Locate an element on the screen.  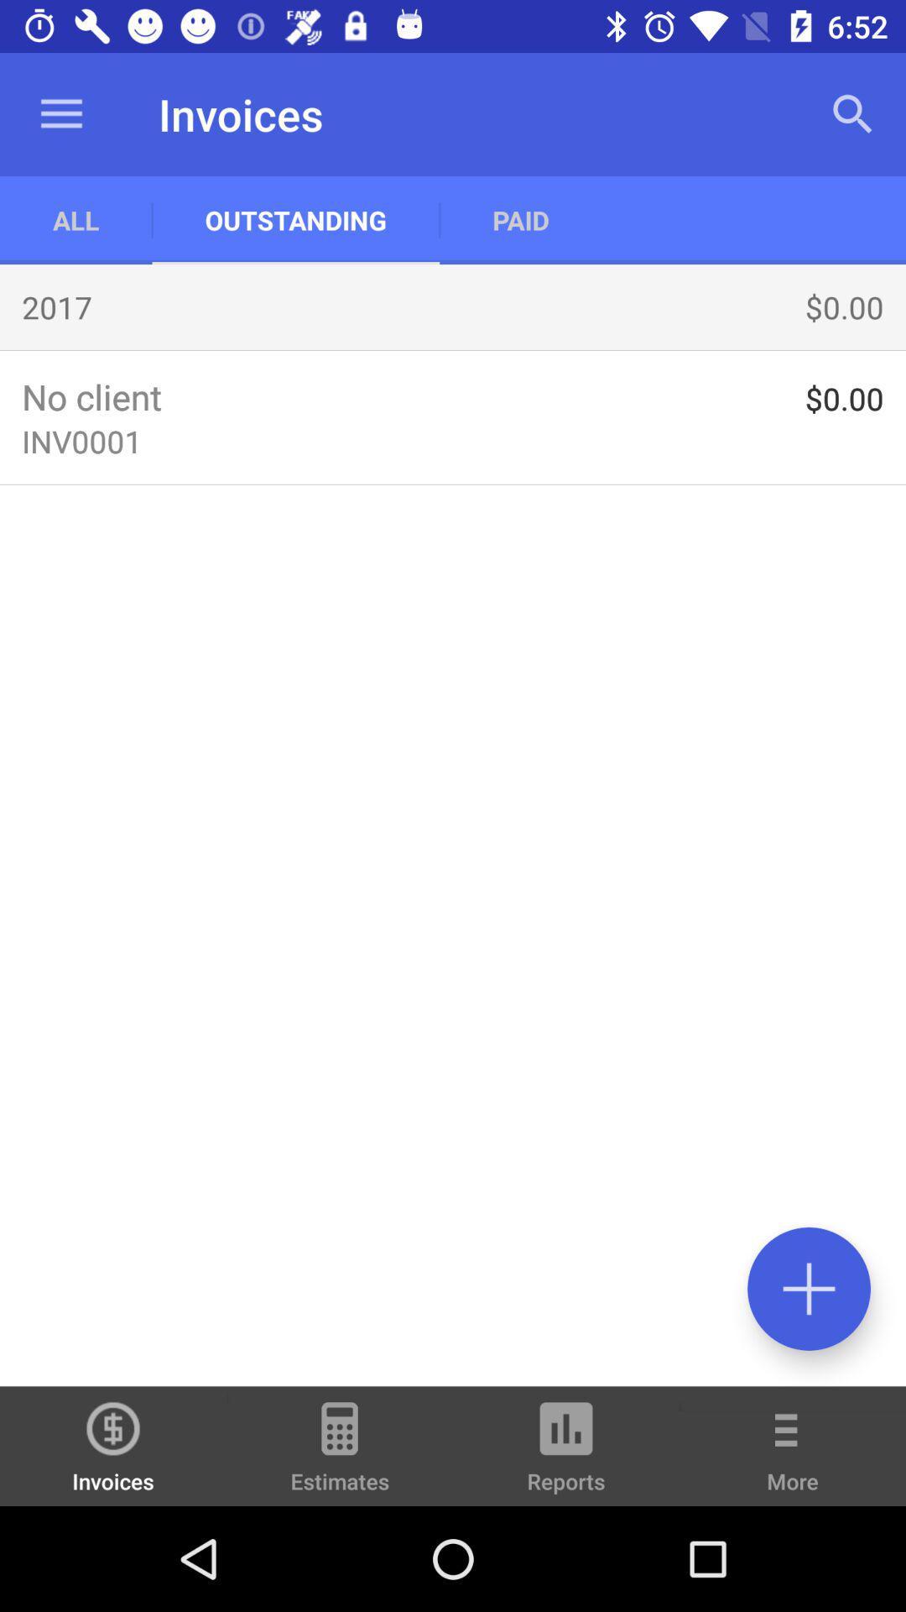
the item to the left of paid is located at coordinates (294, 219).